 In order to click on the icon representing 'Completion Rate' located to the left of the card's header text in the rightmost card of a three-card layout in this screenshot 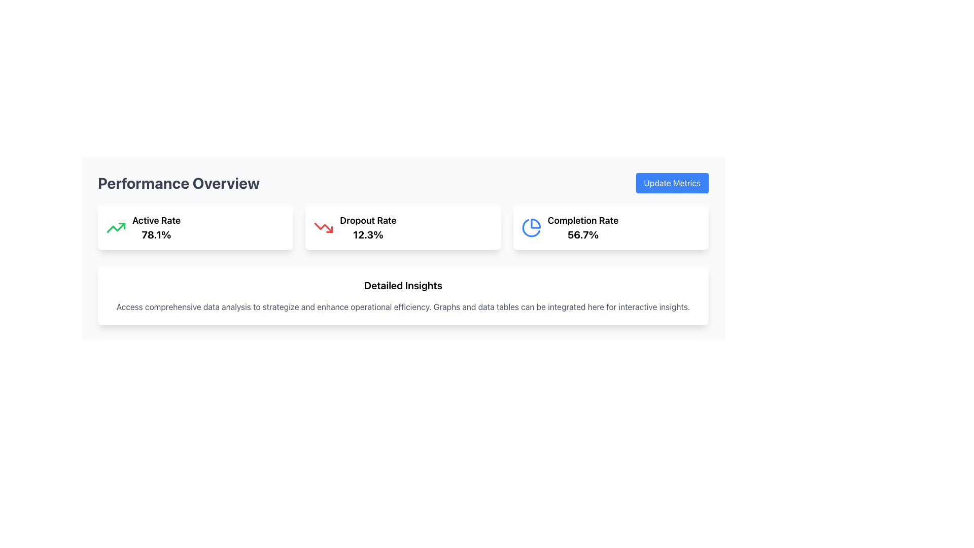, I will do `click(531, 227)`.